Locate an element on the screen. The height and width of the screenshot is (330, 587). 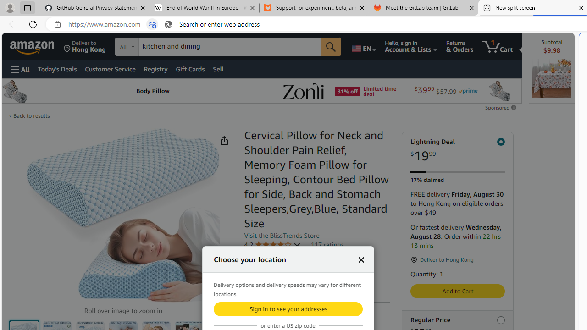
'Returns & Orders' is located at coordinates (460, 46).